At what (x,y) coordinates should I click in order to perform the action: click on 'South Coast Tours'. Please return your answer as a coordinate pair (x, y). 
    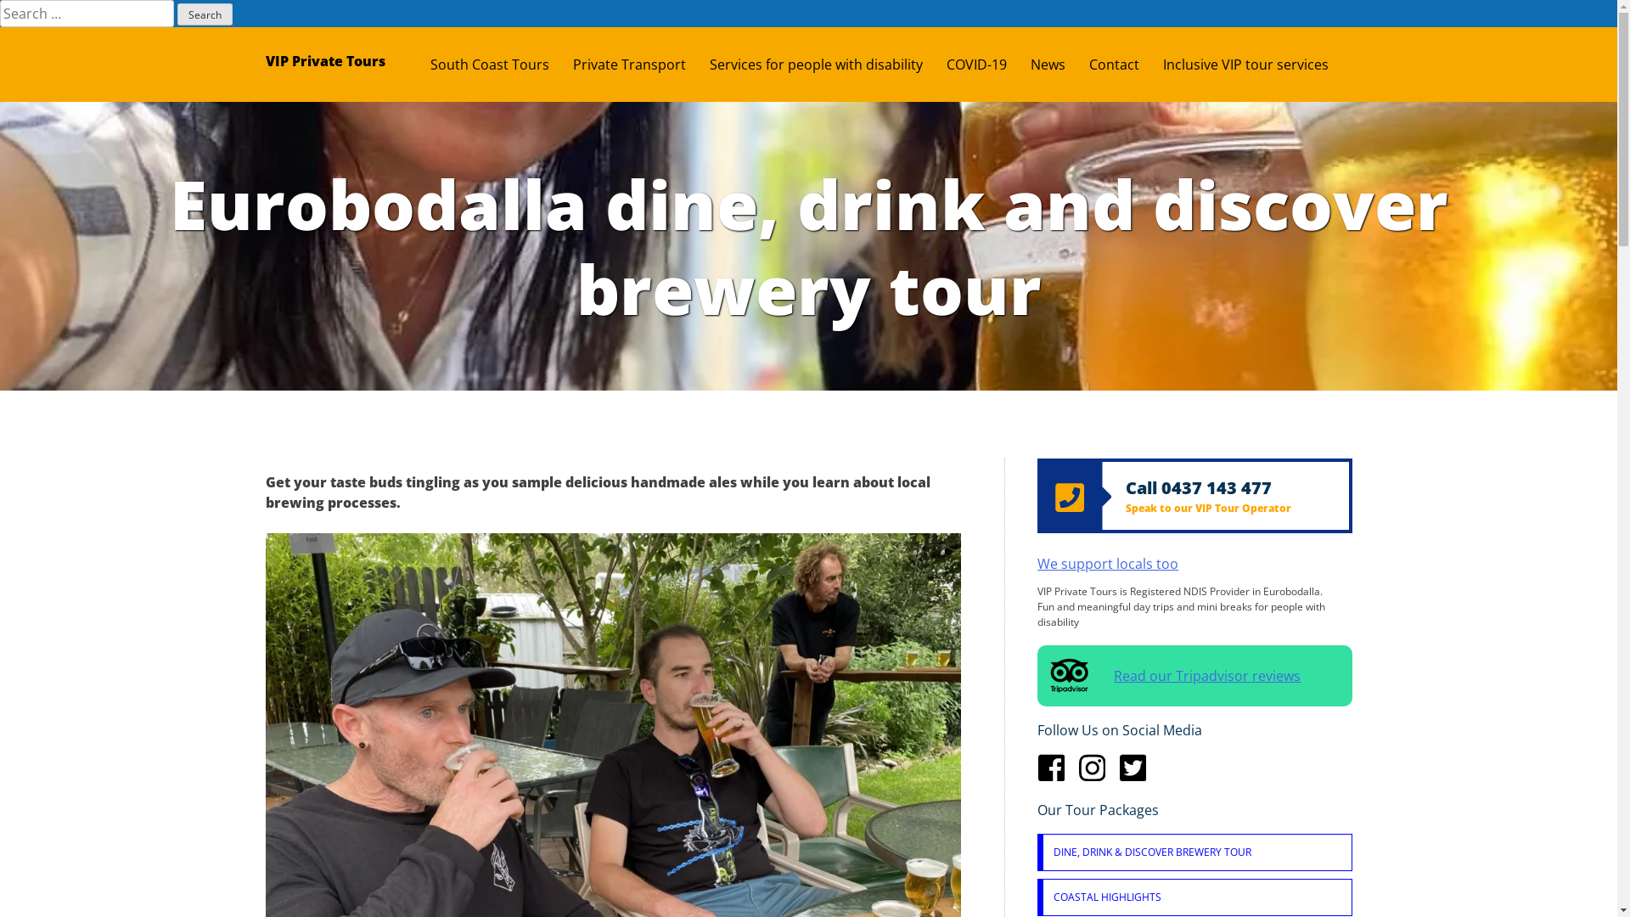
    Looking at the image, I should click on (429, 64).